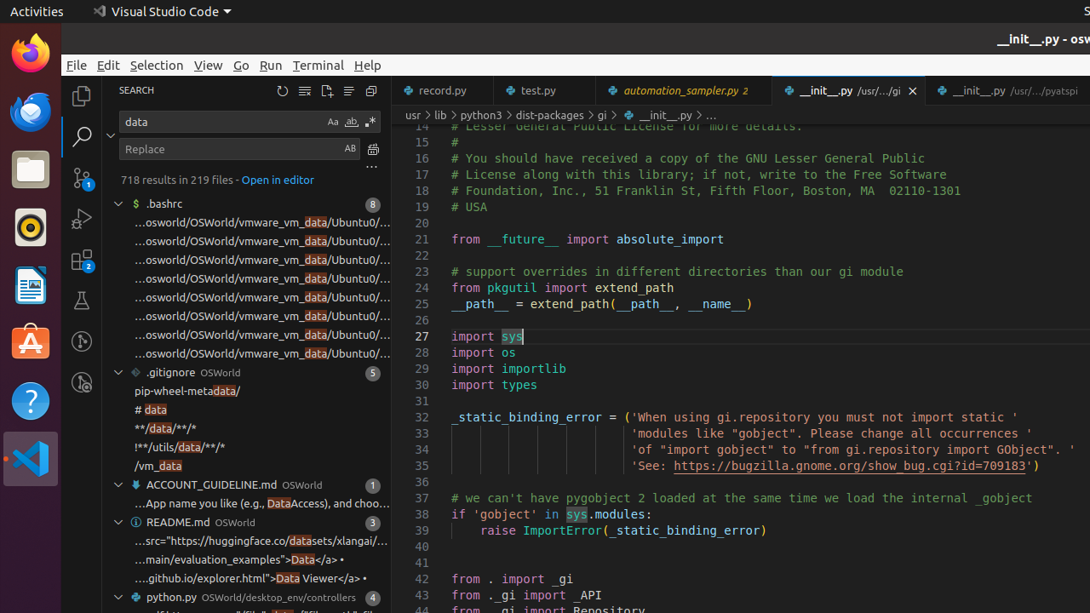  What do you see at coordinates (545, 90) in the screenshot?
I see `'test.py'` at bounding box center [545, 90].